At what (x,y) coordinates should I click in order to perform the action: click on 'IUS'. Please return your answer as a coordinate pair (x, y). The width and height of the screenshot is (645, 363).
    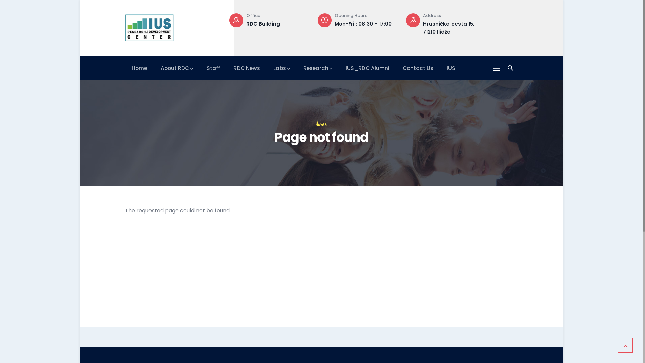
    Looking at the image, I should click on (451, 68).